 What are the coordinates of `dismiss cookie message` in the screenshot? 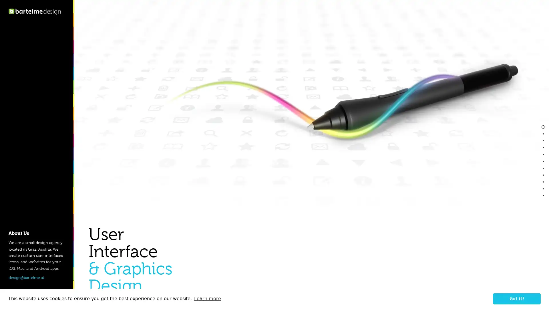 It's located at (517, 298).